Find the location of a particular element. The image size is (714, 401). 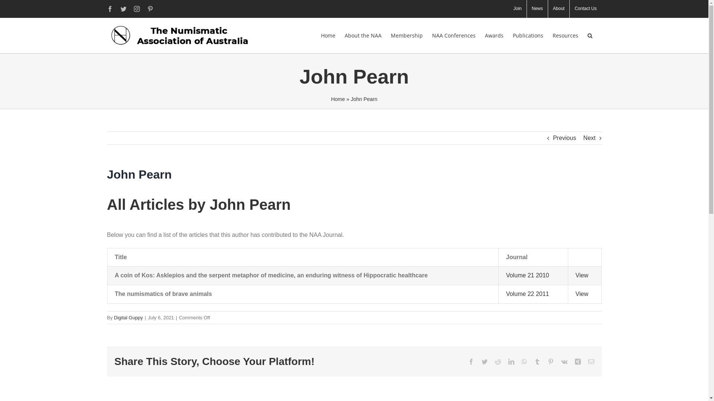

'Tumblr' is located at coordinates (537, 361).